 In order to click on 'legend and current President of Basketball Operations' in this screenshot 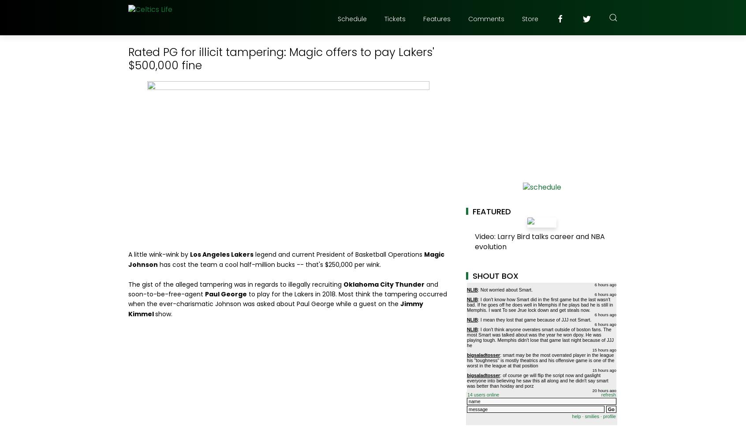, I will do `click(338, 254)`.